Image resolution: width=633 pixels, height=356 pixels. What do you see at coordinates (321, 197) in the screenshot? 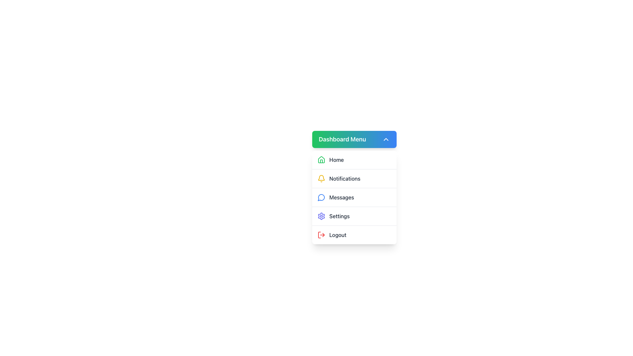
I see `the 'Messages' icon in the dropdown menu, which is visually represented by a blue-outlined icon to the left of the 'Messages' label, the third item in the list` at bounding box center [321, 197].